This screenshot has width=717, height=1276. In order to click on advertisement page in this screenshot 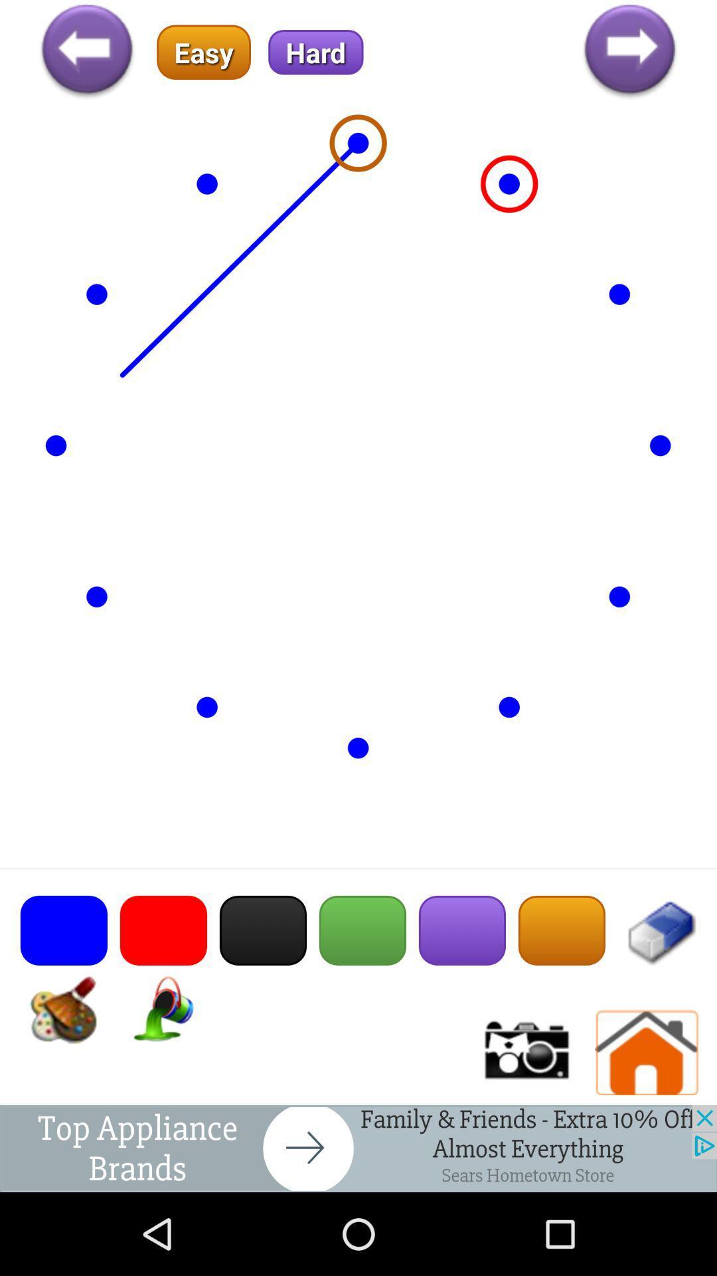, I will do `click(358, 1148)`.